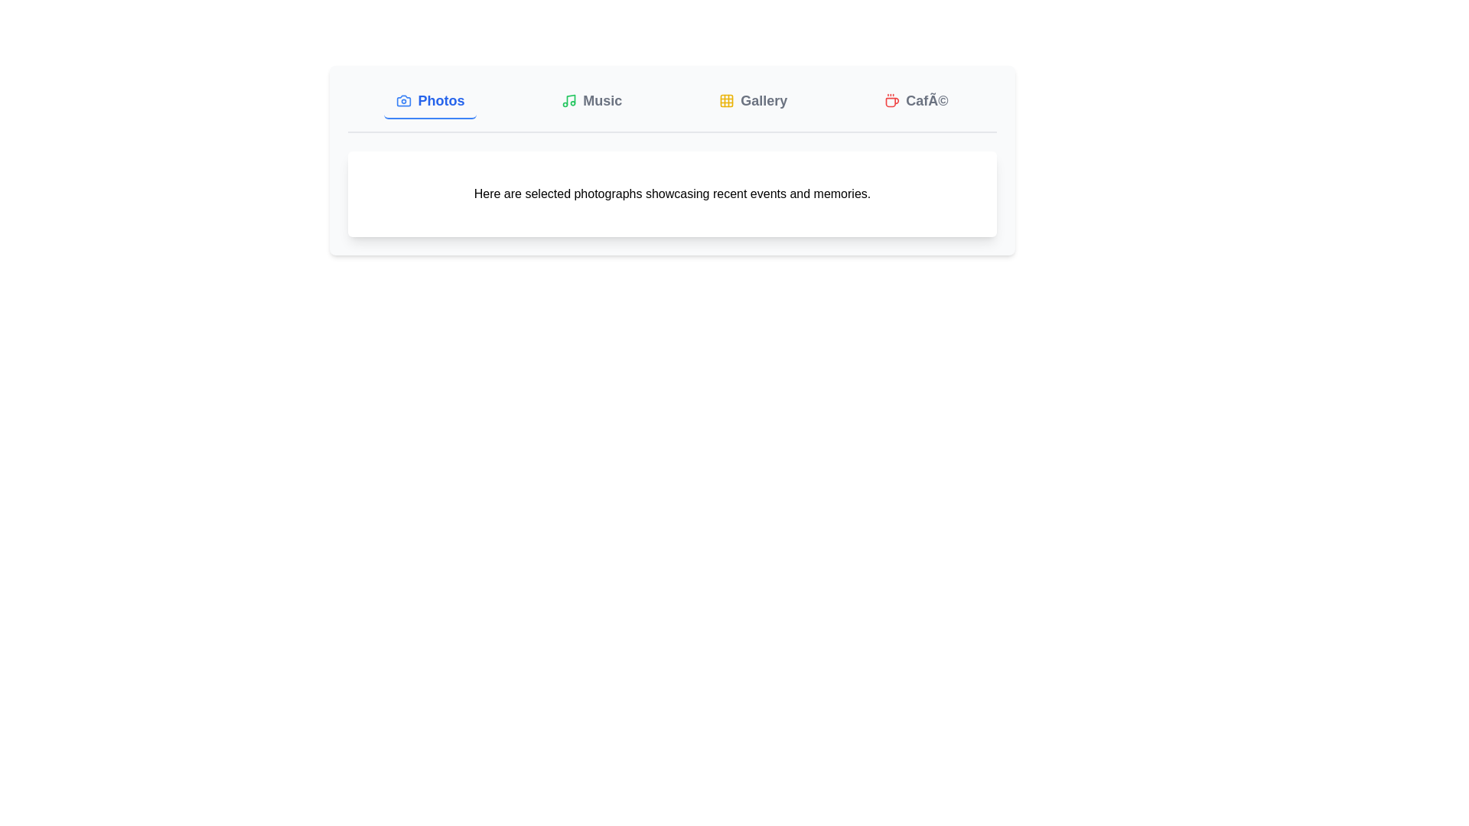  What do you see at coordinates (672, 193) in the screenshot?
I see `the informational Text Block located below the navigation bar containing the tabs labeled 'Photos,' 'Music,' 'Gallery,' and 'Café.'` at bounding box center [672, 193].